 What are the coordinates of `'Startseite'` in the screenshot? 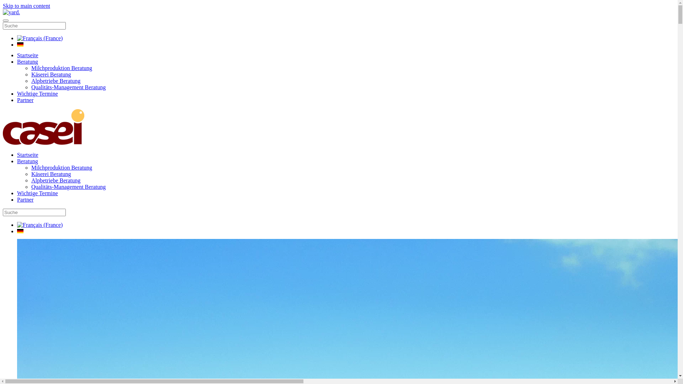 It's located at (27, 55).